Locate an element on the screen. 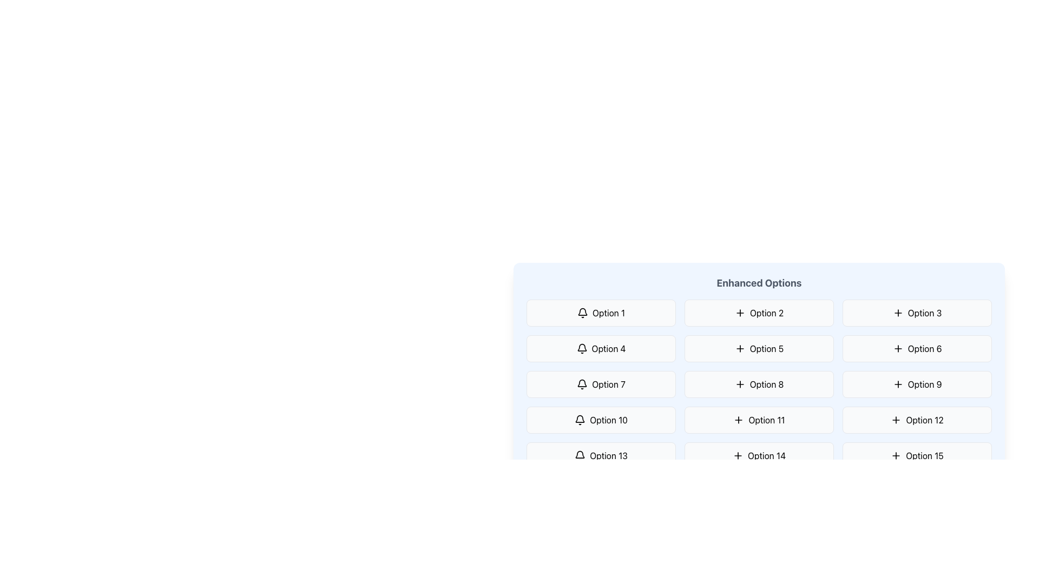 Image resolution: width=1039 pixels, height=584 pixels. the '+' icon within the 'Option 9' button in the 'Enhanced Options' grid, which is located in the third row and third column is located at coordinates (898, 383).